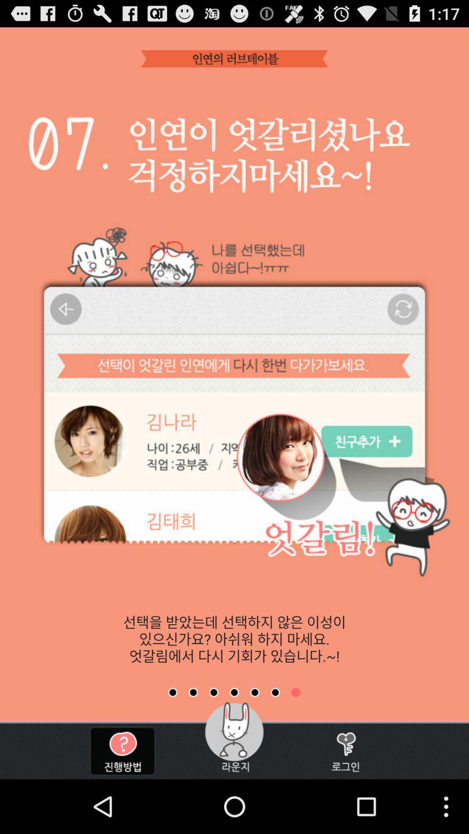 The height and width of the screenshot is (834, 469). Describe the element at coordinates (172, 692) in the screenshot. I see `first image in series` at that location.